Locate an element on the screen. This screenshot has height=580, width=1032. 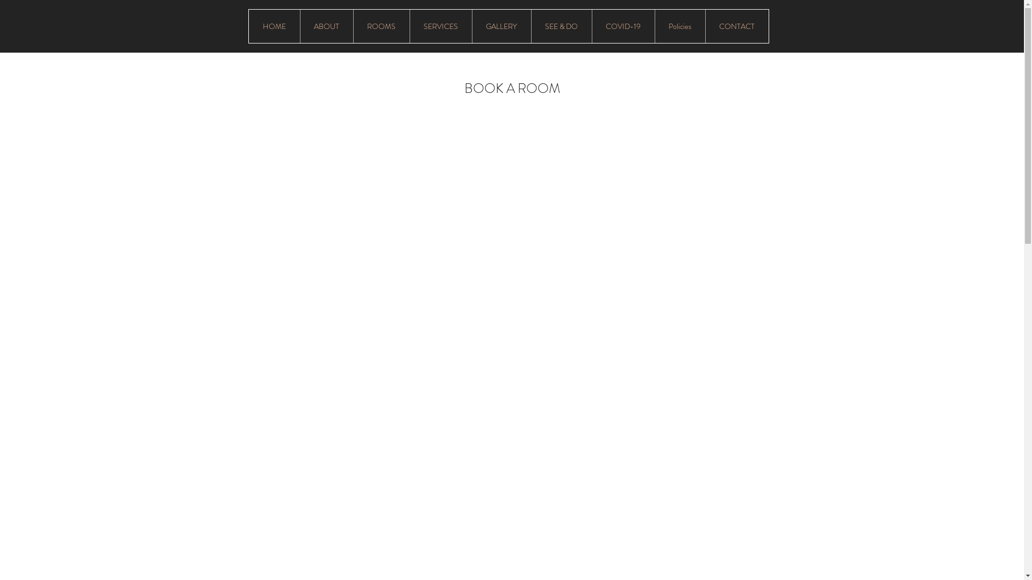
'COVID-19' is located at coordinates (622, 26).